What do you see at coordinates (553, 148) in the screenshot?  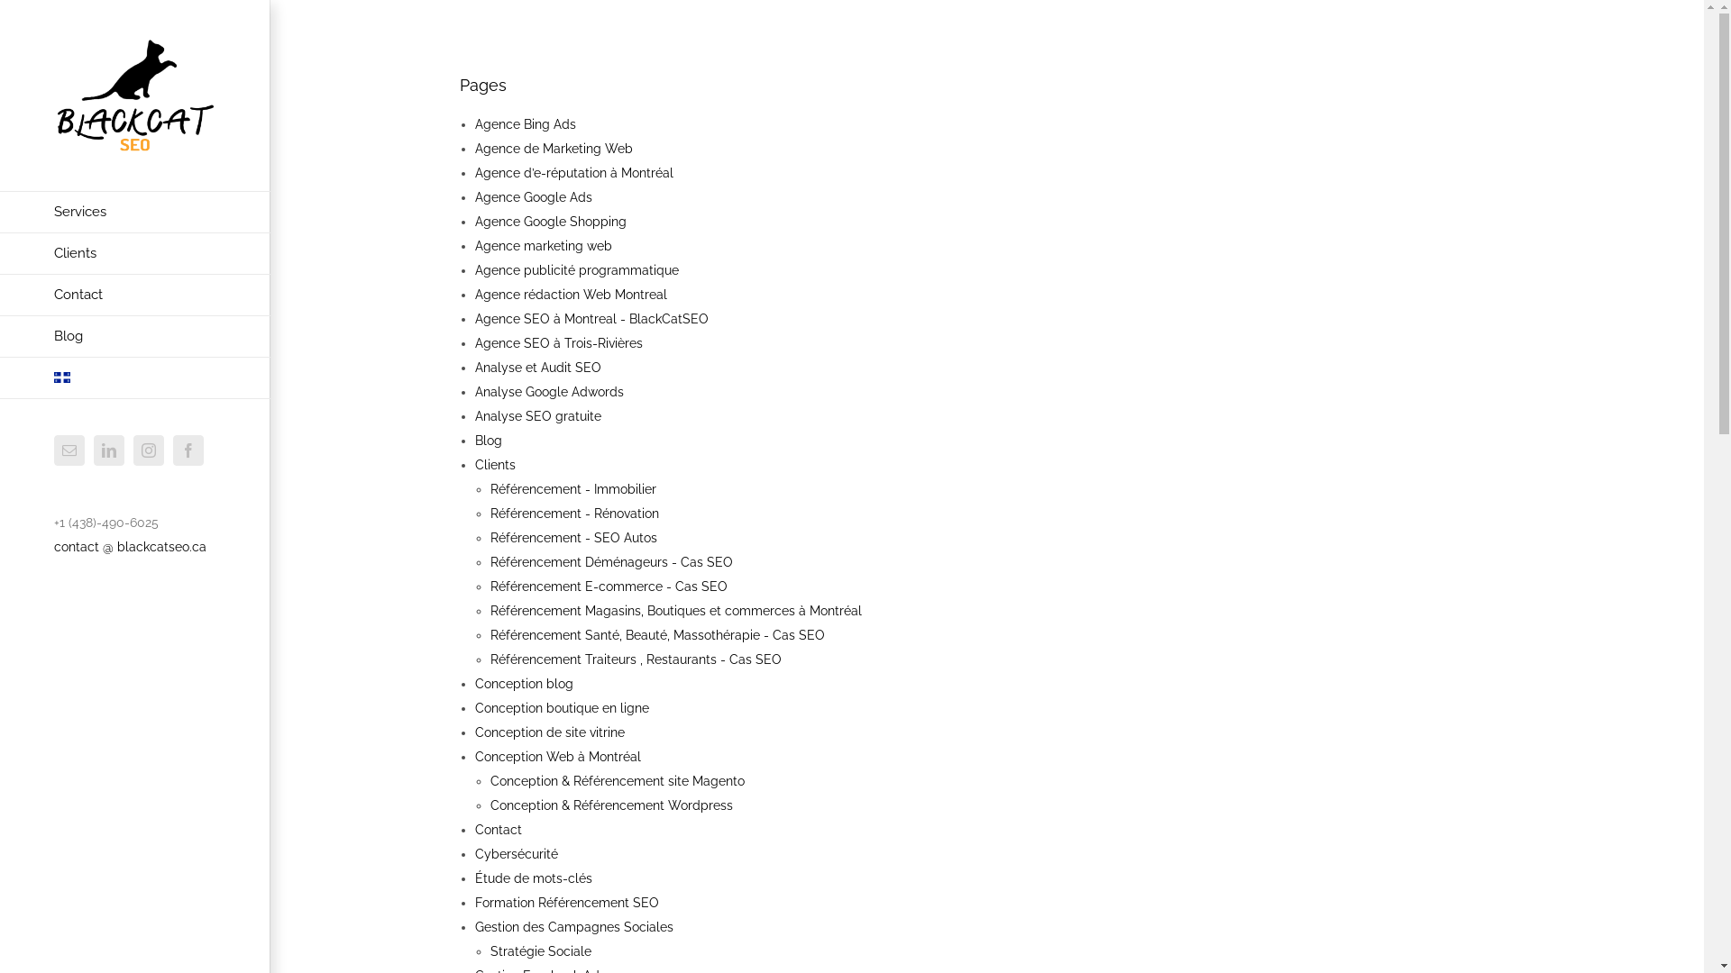 I see `'Agence de Marketing Web'` at bounding box center [553, 148].